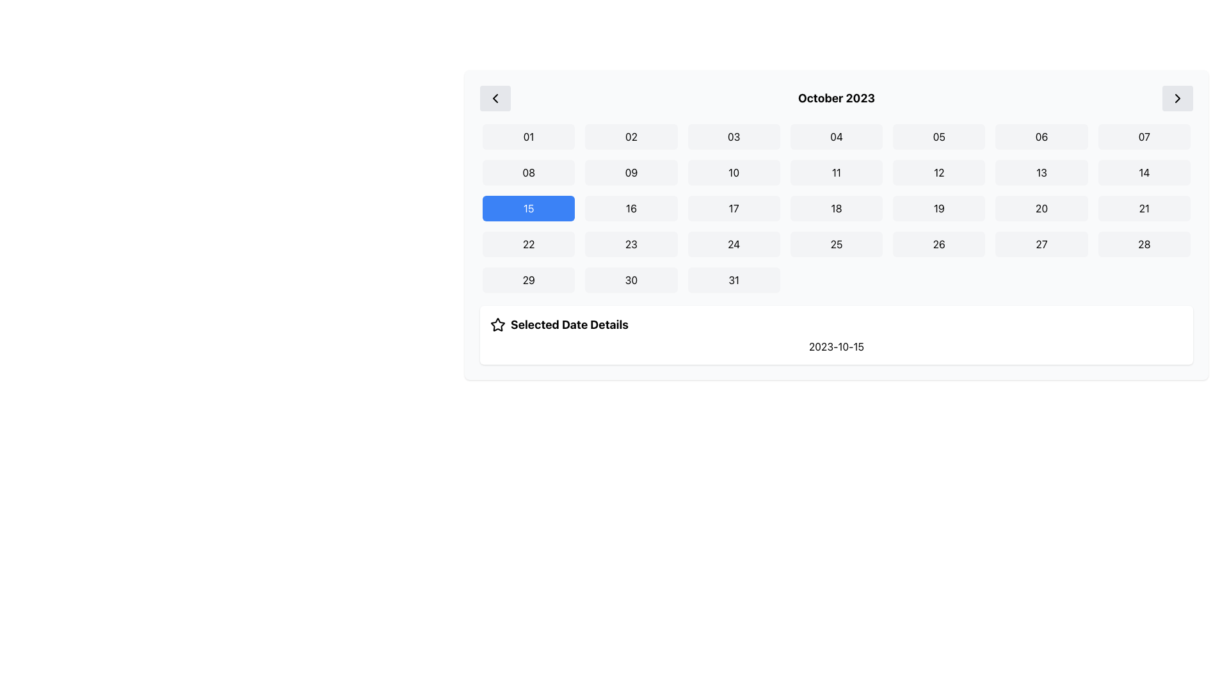 This screenshot has width=1229, height=691. What do you see at coordinates (631, 173) in the screenshot?
I see `the button labeled '09' with rounded corners and a light gray background` at bounding box center [631, 173].